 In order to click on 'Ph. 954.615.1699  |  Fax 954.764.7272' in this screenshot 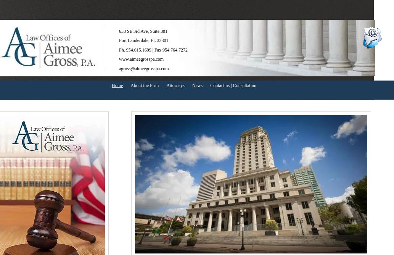, I will do `click(153, 49)`.